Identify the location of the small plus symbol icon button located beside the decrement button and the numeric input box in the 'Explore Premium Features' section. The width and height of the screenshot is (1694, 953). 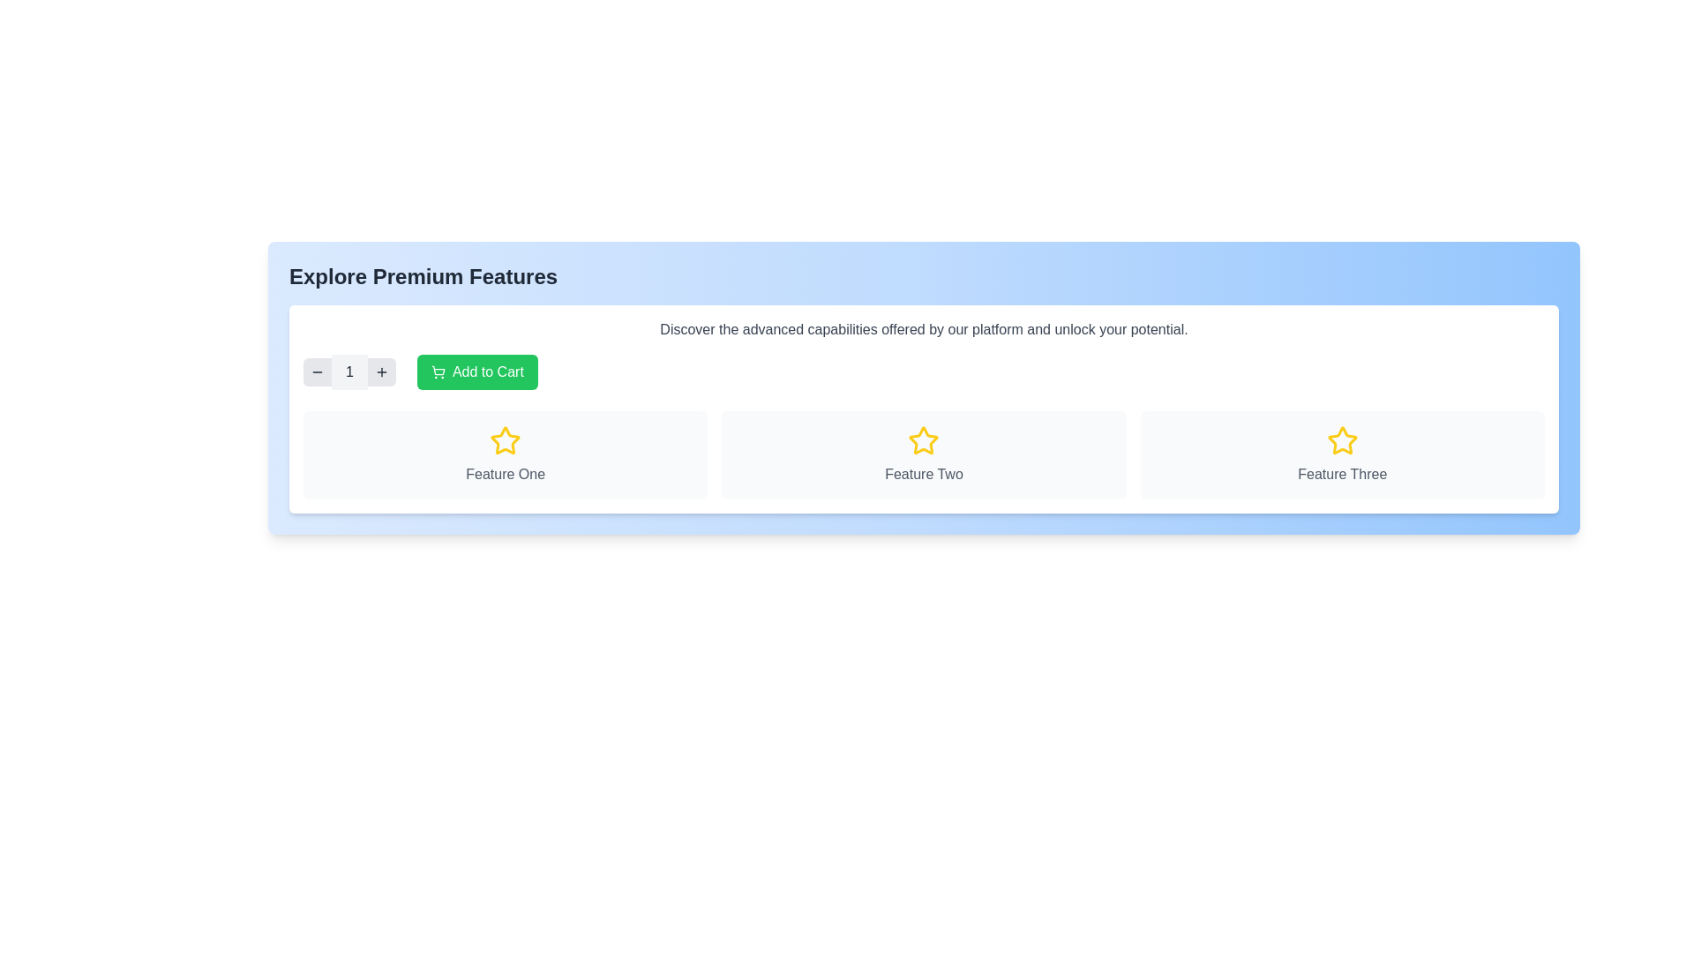
(380, 371).